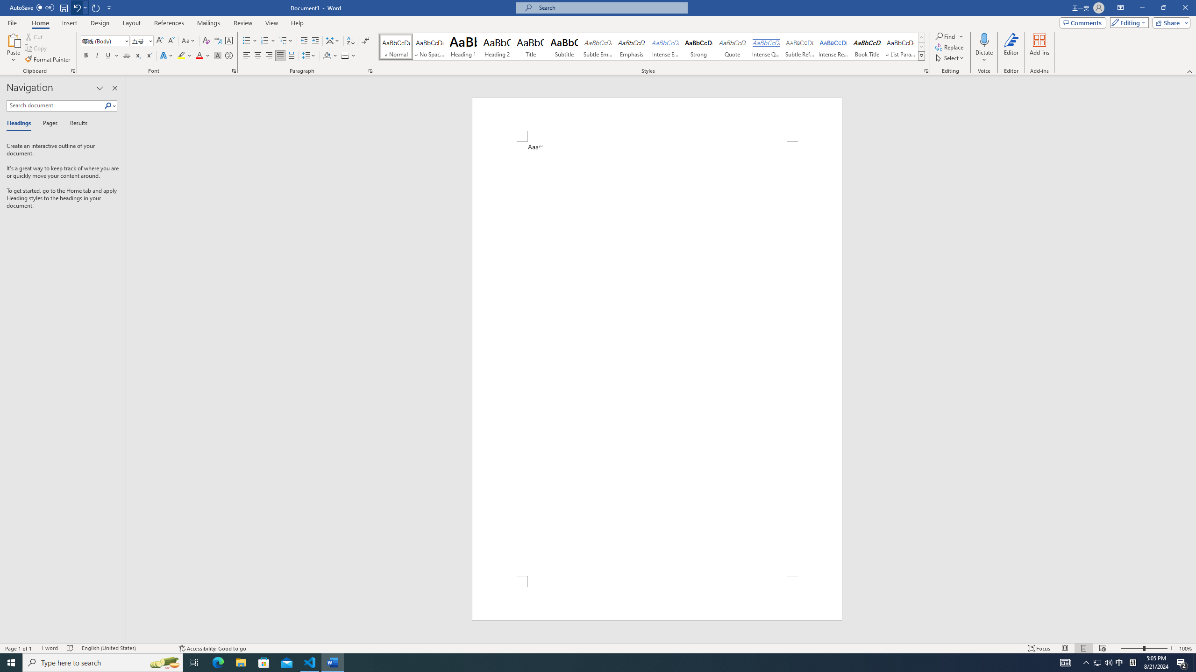  Describe the element at coordinates (96, 7) in the screenshot. I see `'Repeat Typing'` at that location.